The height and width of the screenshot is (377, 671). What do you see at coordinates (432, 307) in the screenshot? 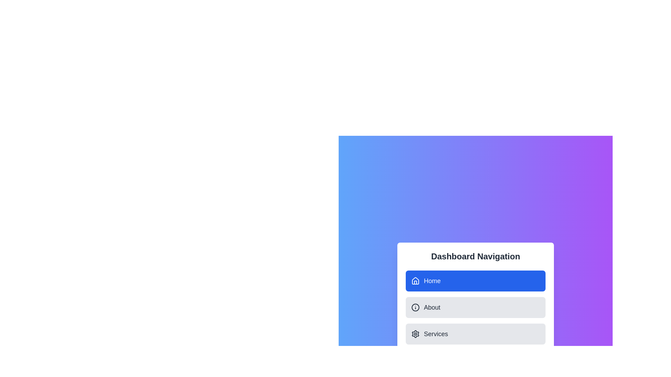
I see `the 'About' text label located in the navigation menu, positioned to the right of the information symbol icon` at bounding box center [432, 307].